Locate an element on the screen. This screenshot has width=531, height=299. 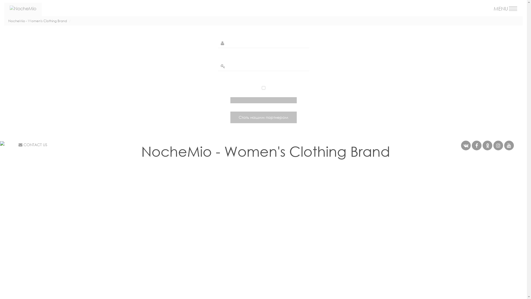
'Official account NocheMio in Instagram' is located at coordinates (493, 145).